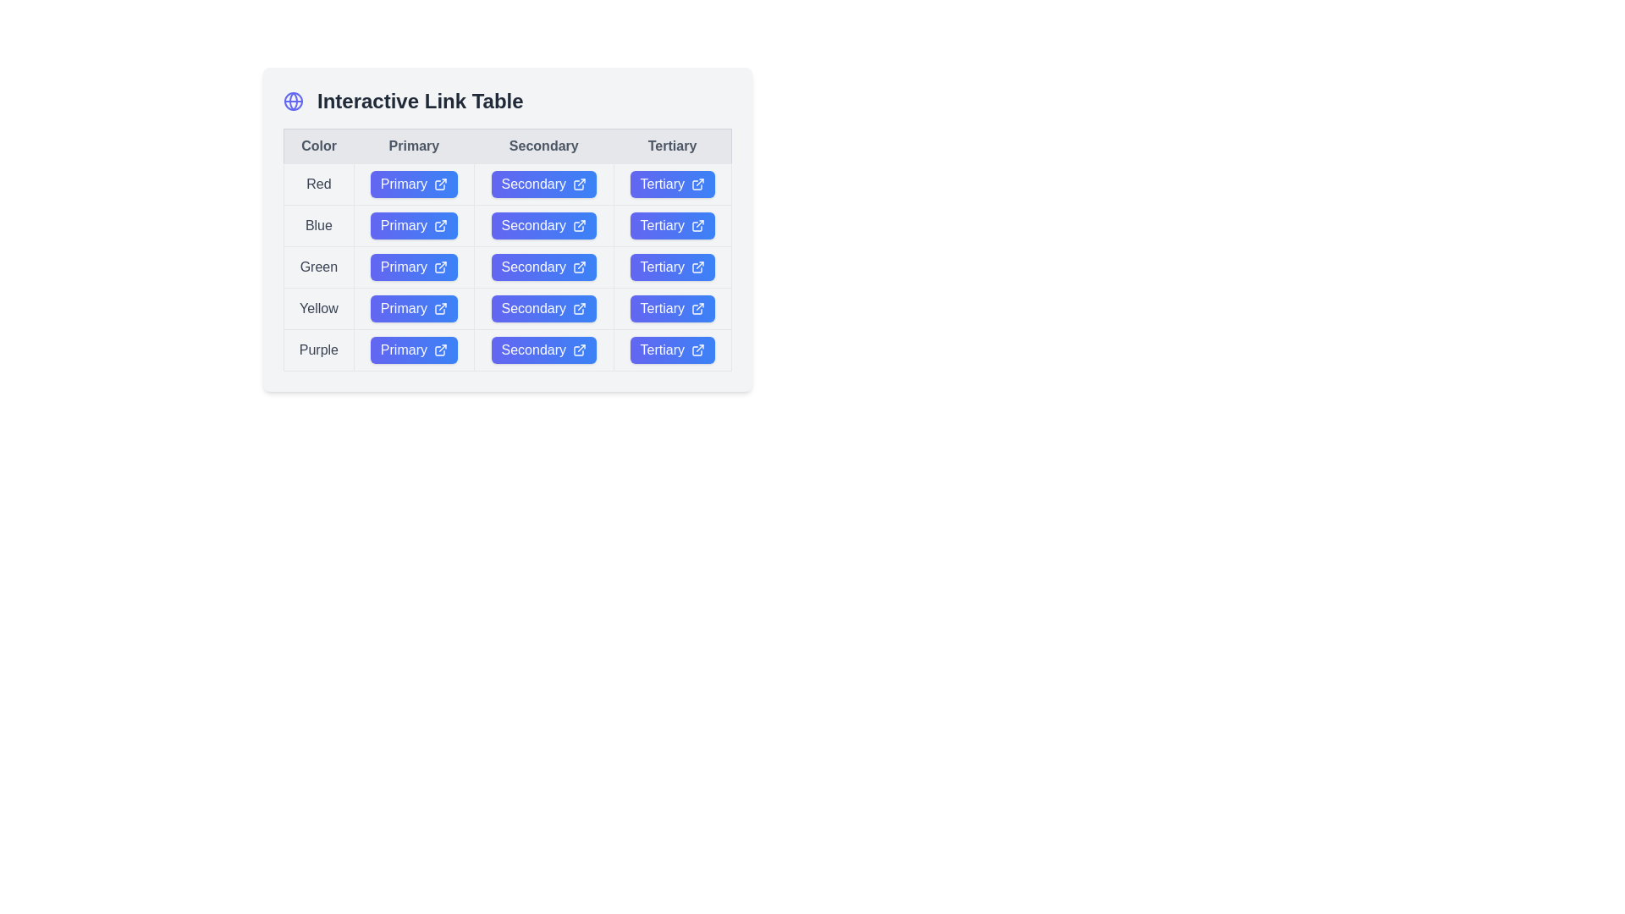 The height and width of the screenshot is (914, 1625). Describe the element at coordinates (507, 184) in the screenshot. I see `the clickable button labeled 'Secondary' in the 'Red' row of the interactive table` at that location.